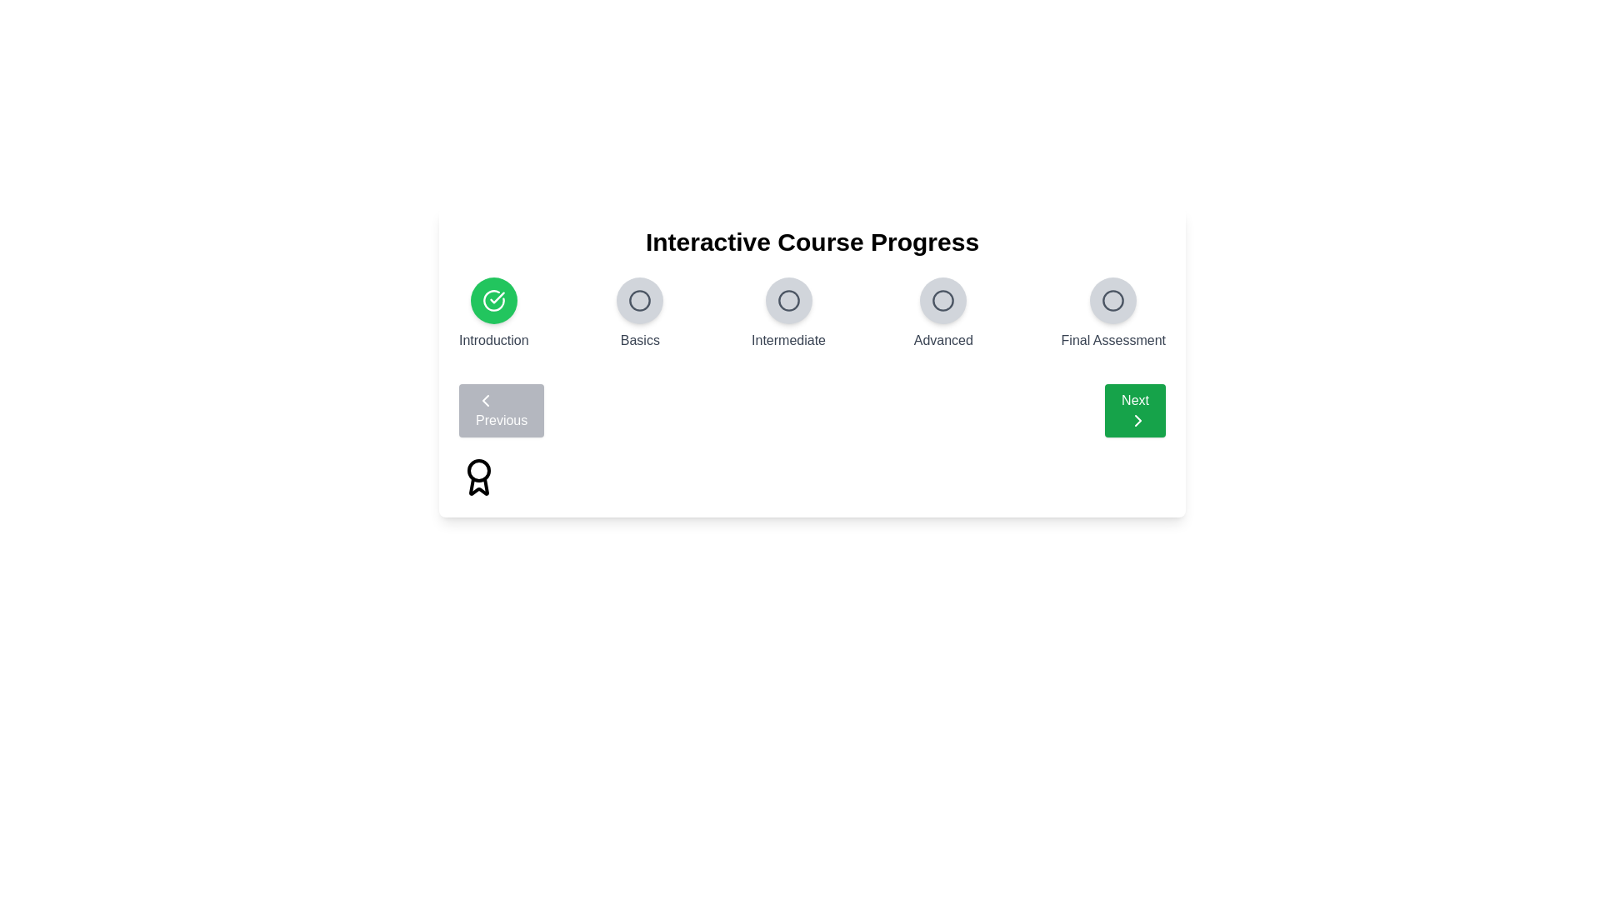 This screenshot has width=1600, height=900. Describe the element at coordinates (1113, 301) in the screenshot. I see `the circular progress stage marker representing the 'Final Assessment' step in the progress tracker, which is located directly above the text 'Final Assessment'` at that location.